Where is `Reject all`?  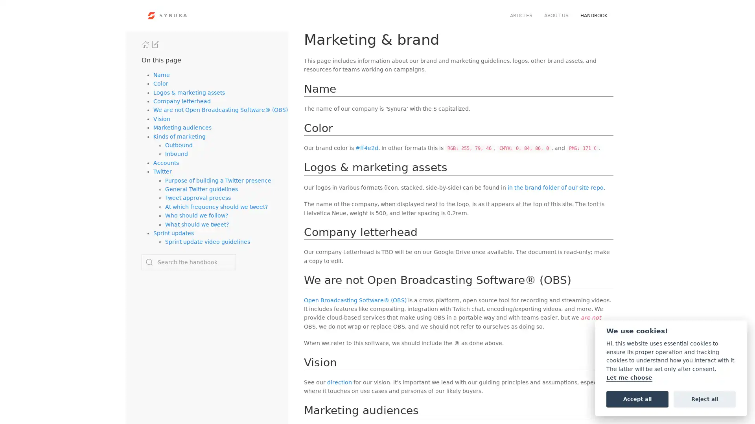 Reject all is located at coordinates (704, 398).